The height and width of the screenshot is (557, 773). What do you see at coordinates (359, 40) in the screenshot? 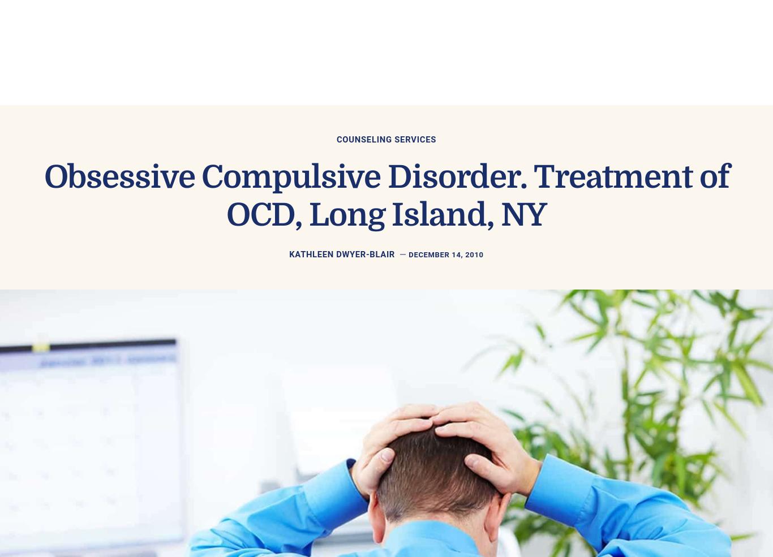
I see `'Counseling'` at bounding box center [359, 40].